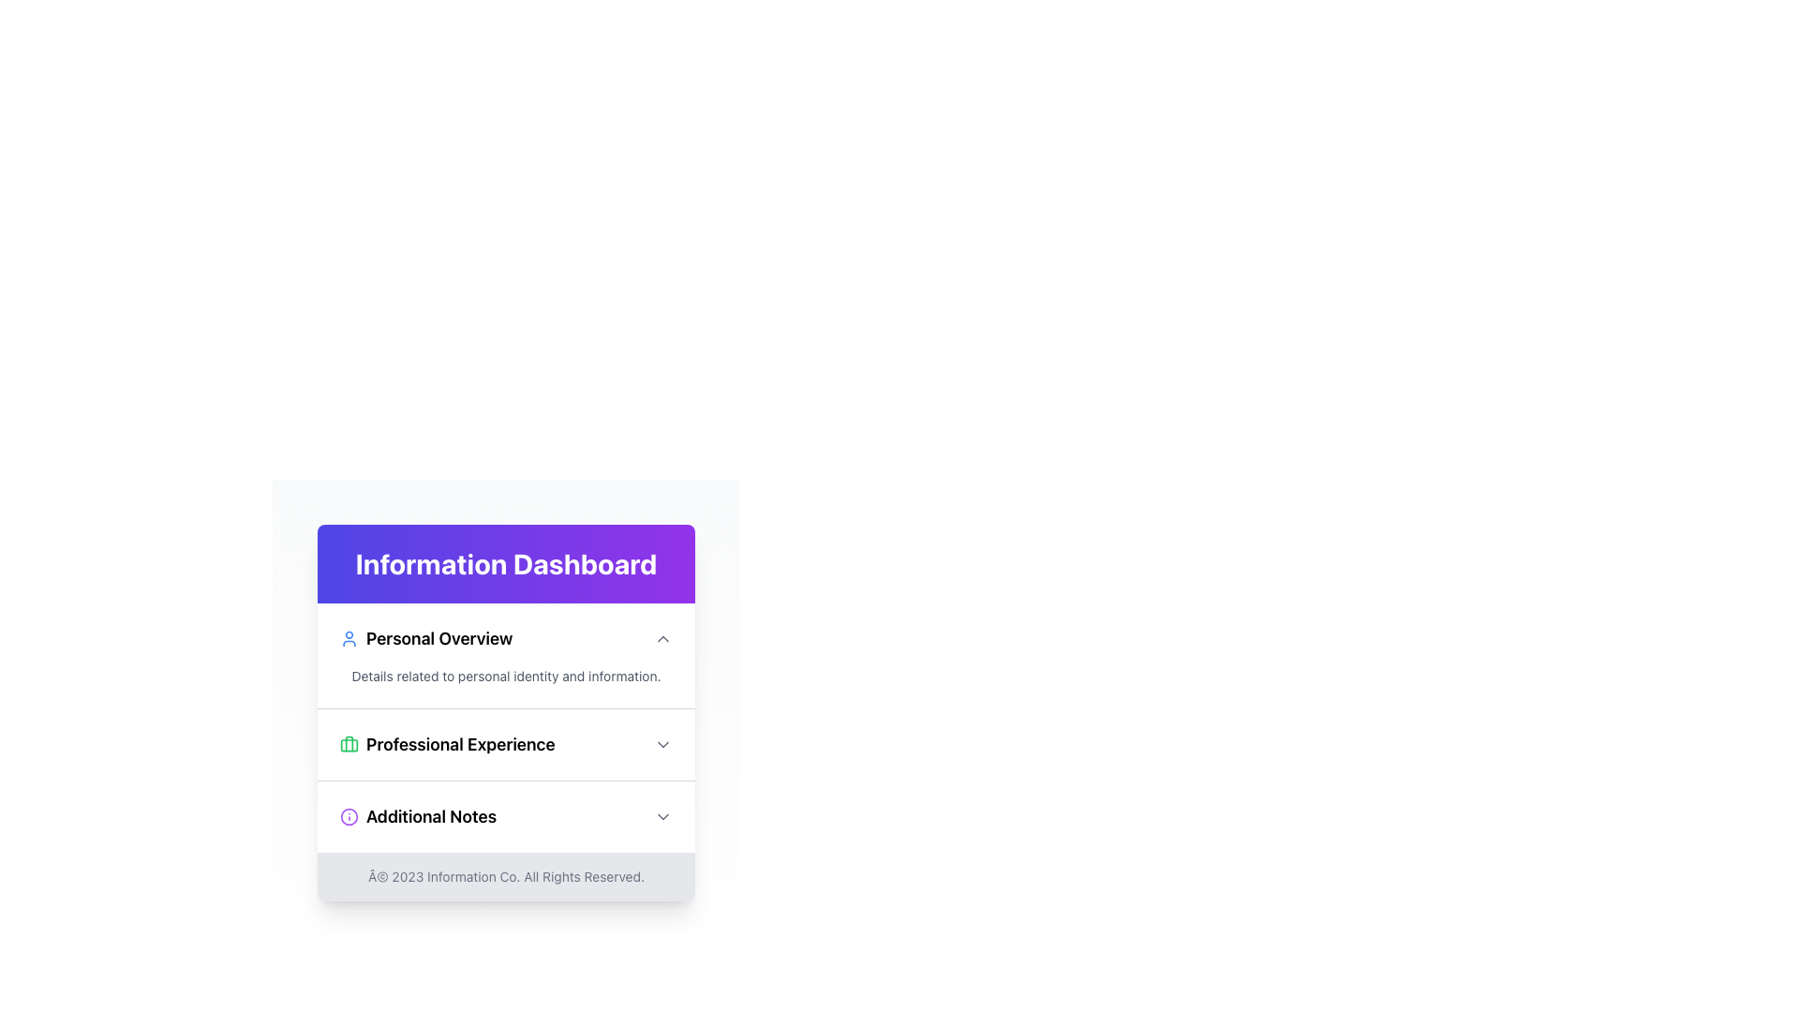  What do you see at coordinates (506, 676) in the screenshot?
I see `the text element reading 'Details related to personal identity and information.' which is located beneath the 'Personal Overview' header` at bounding box center [506, 676].